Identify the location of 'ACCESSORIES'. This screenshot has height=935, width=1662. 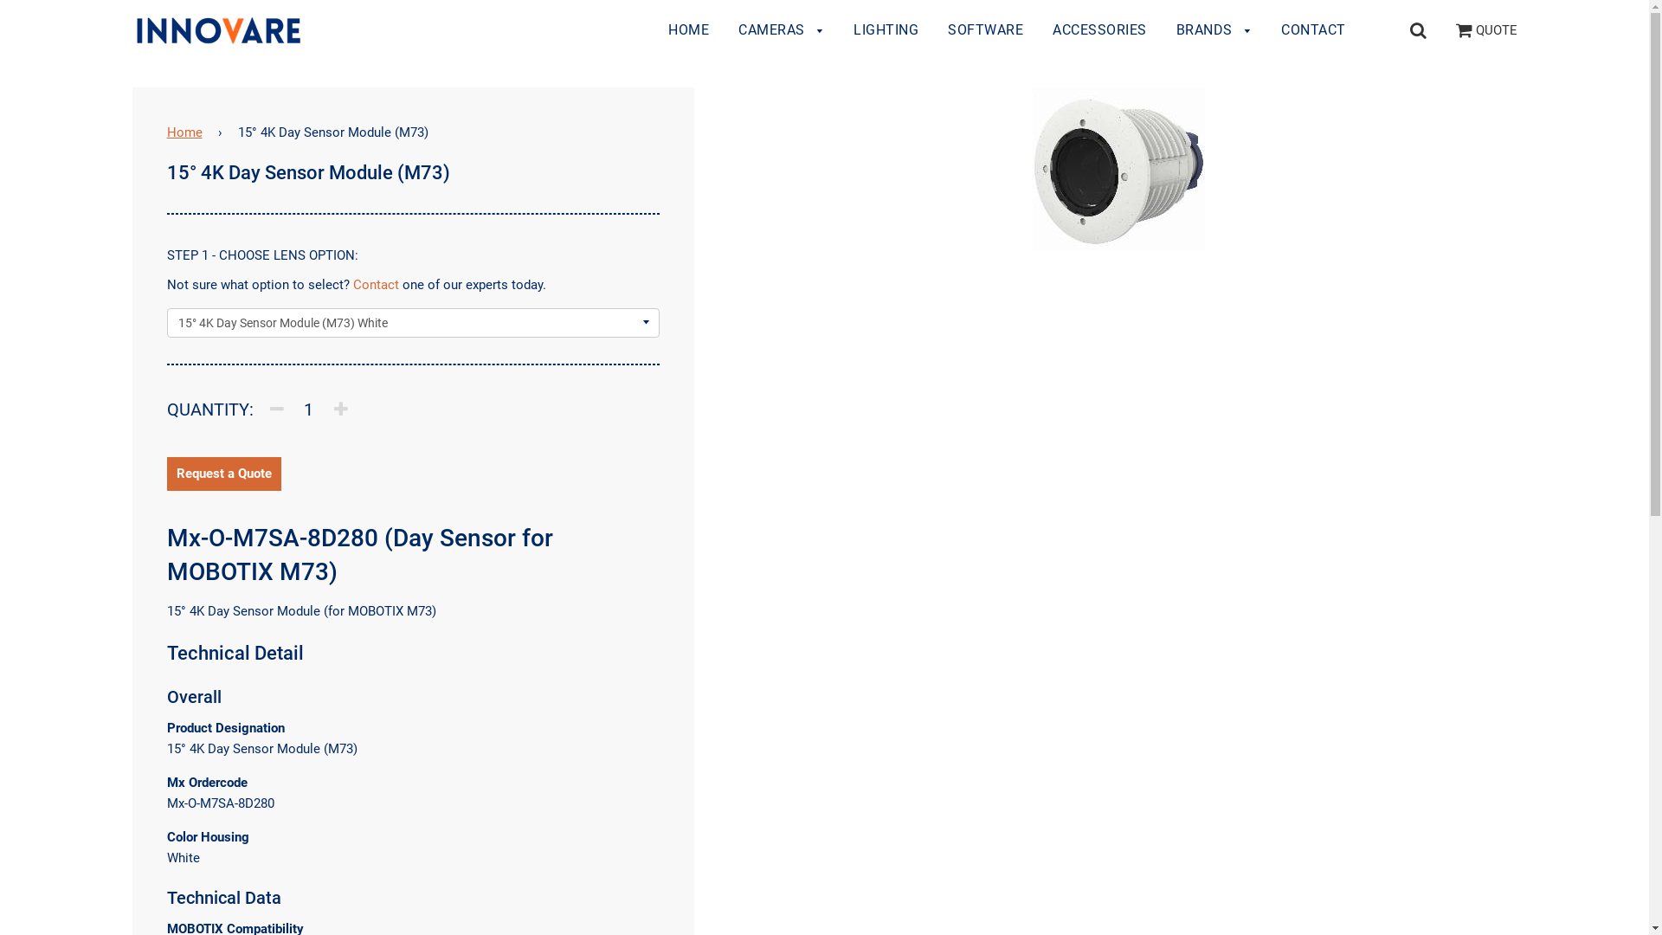
(1098, 29).